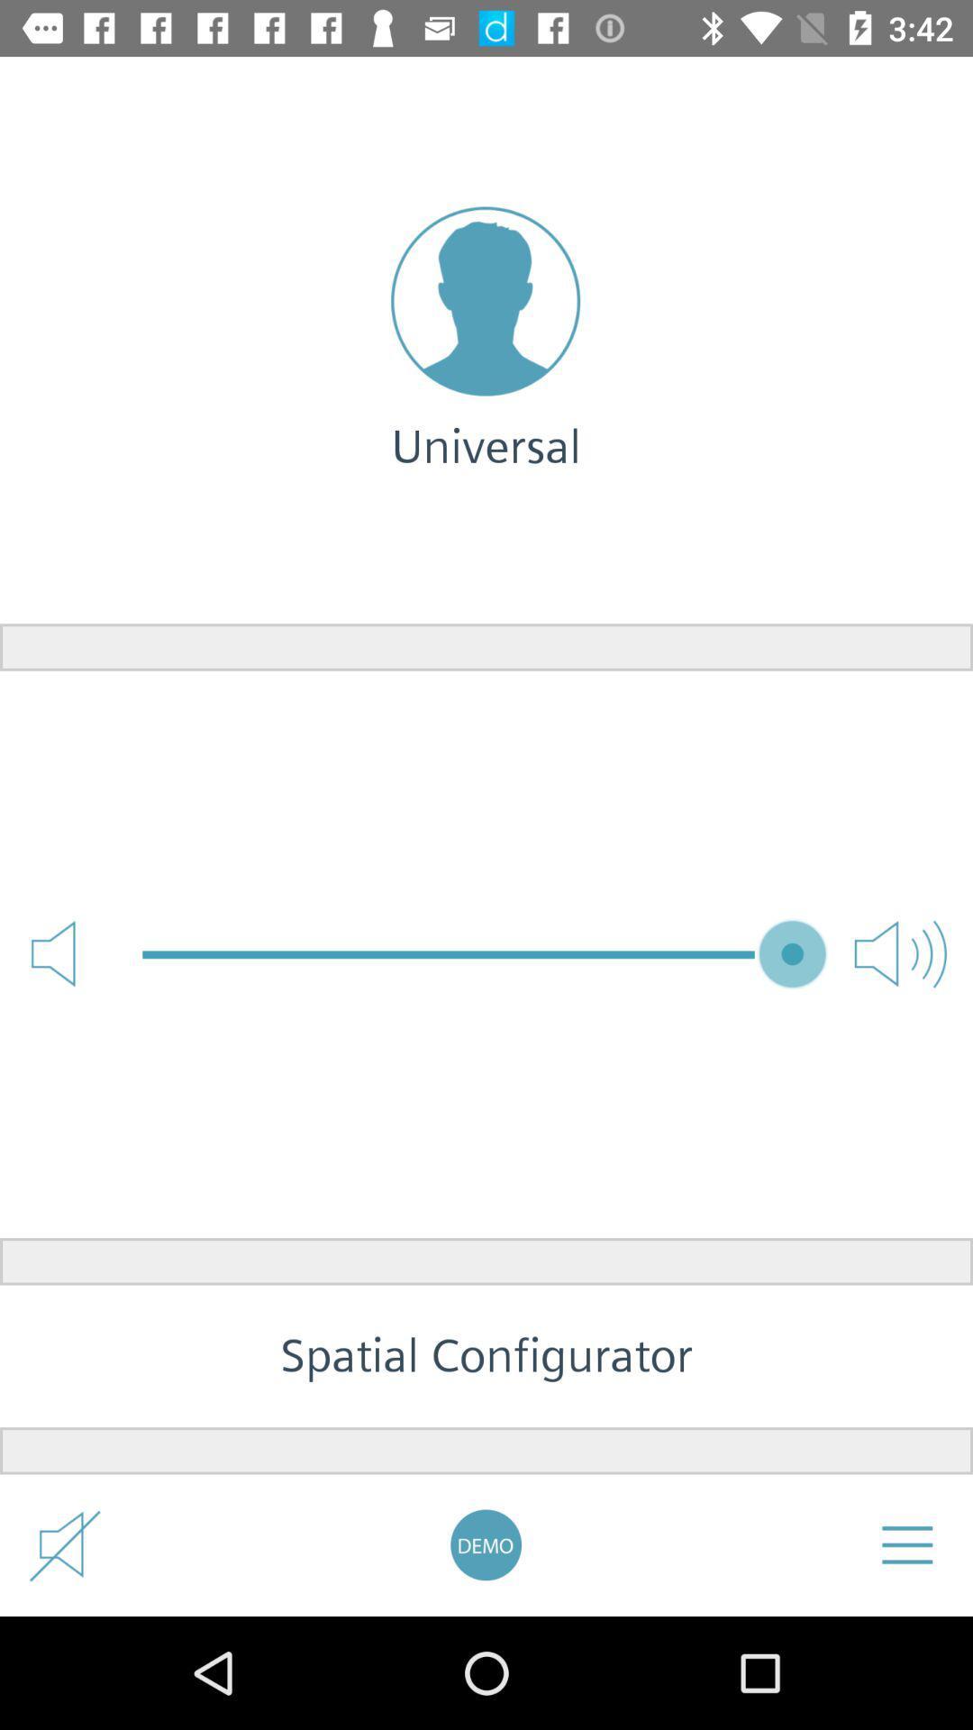 This screenshot has width=973, height=1730. I want to click on the volume icon, so click(64, 1544).